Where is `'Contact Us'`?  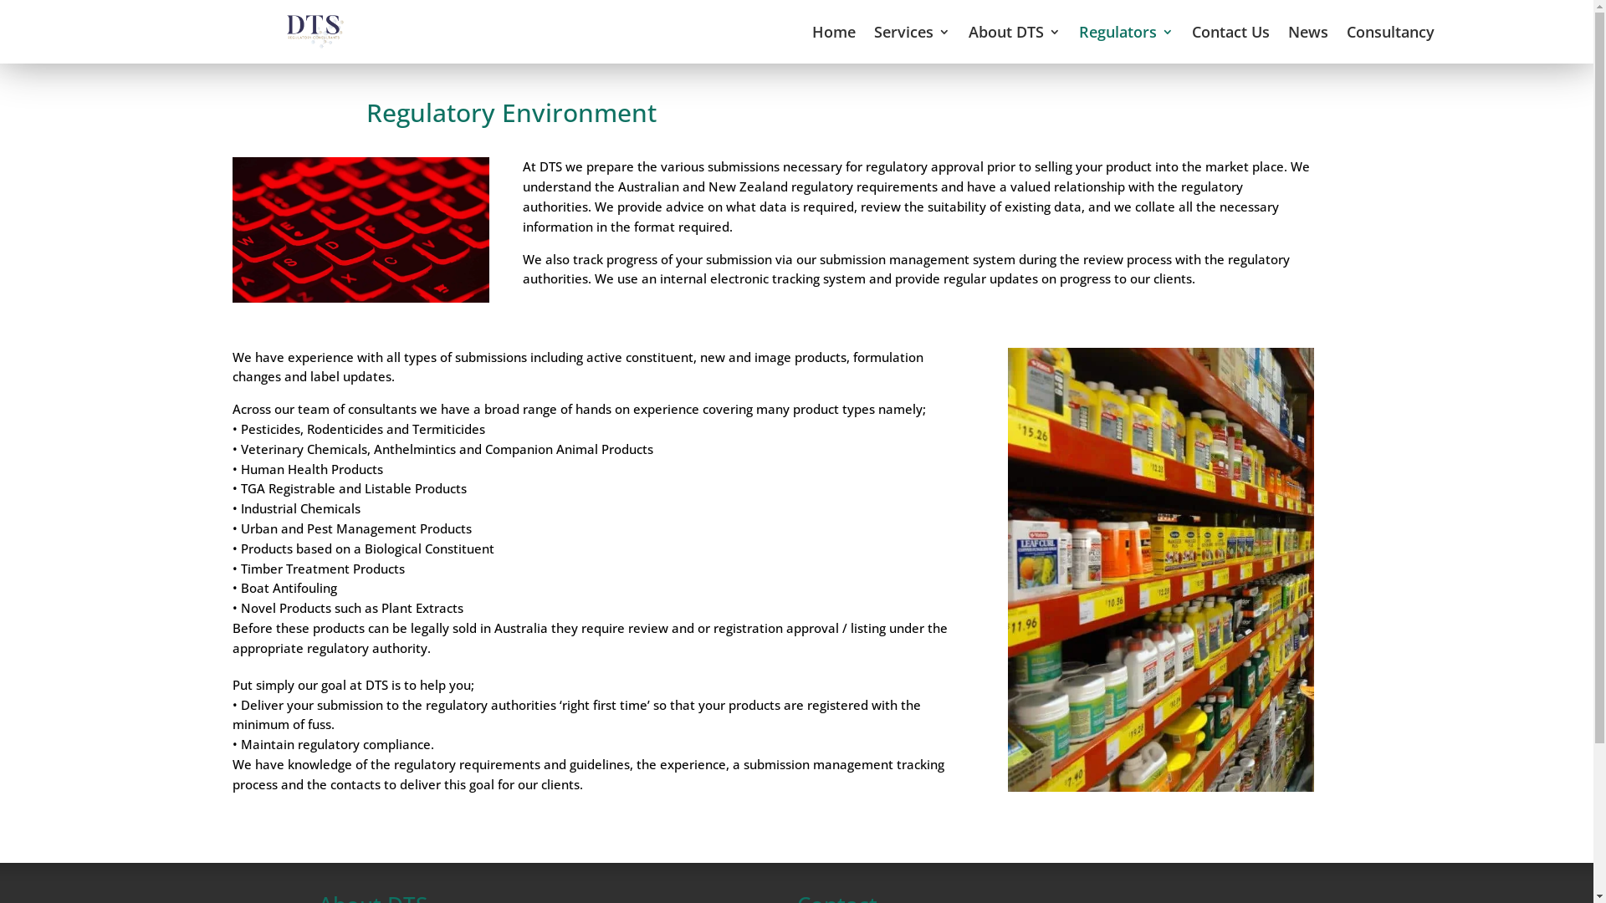
'Contact Us' is located at coordinates (1230, 32).